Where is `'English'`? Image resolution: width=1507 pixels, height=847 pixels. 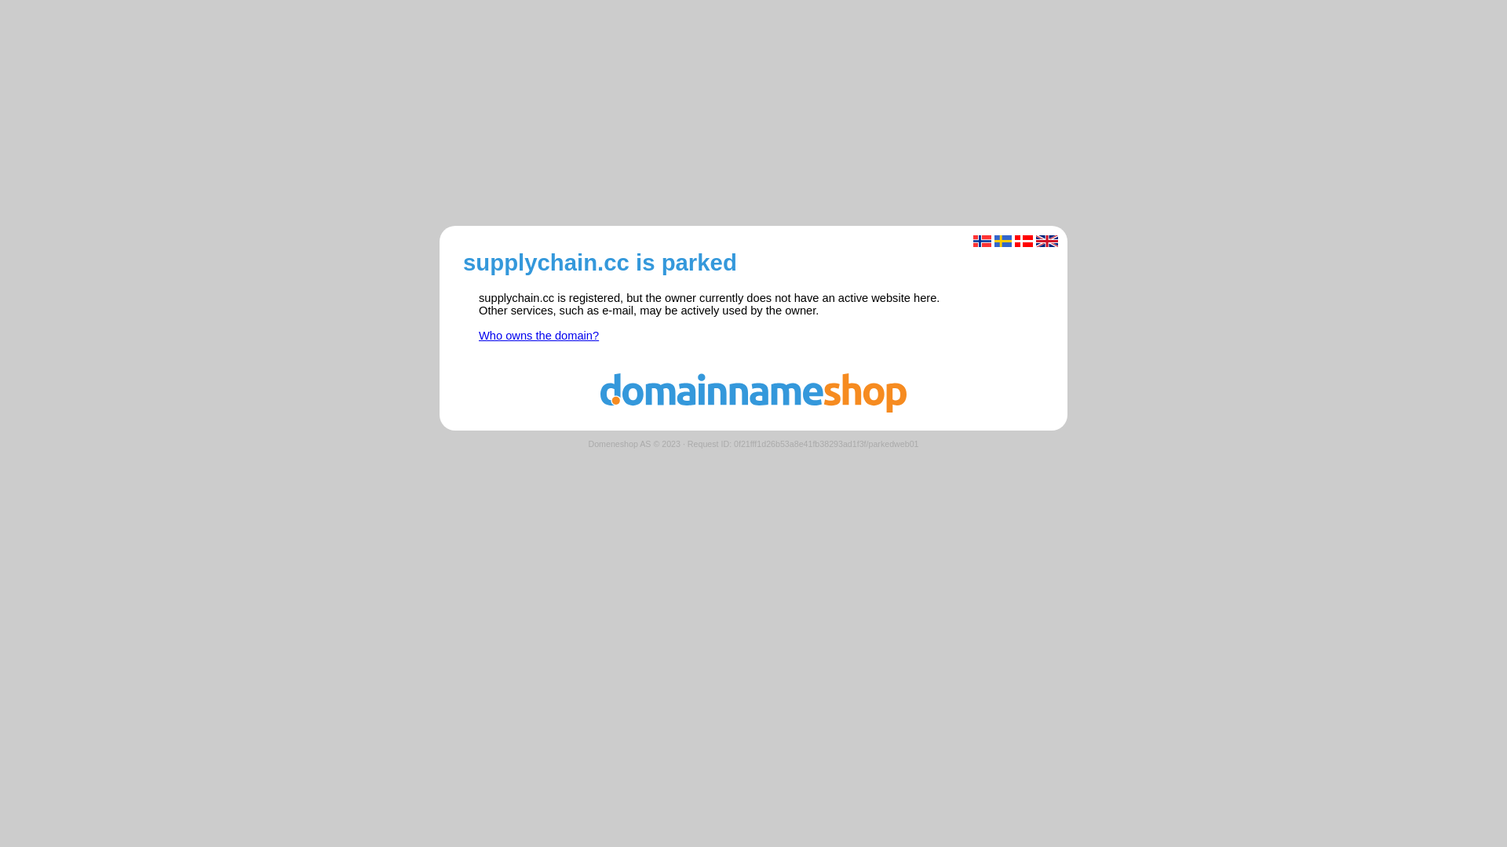
'English' is located at coordinates (1036, 241).